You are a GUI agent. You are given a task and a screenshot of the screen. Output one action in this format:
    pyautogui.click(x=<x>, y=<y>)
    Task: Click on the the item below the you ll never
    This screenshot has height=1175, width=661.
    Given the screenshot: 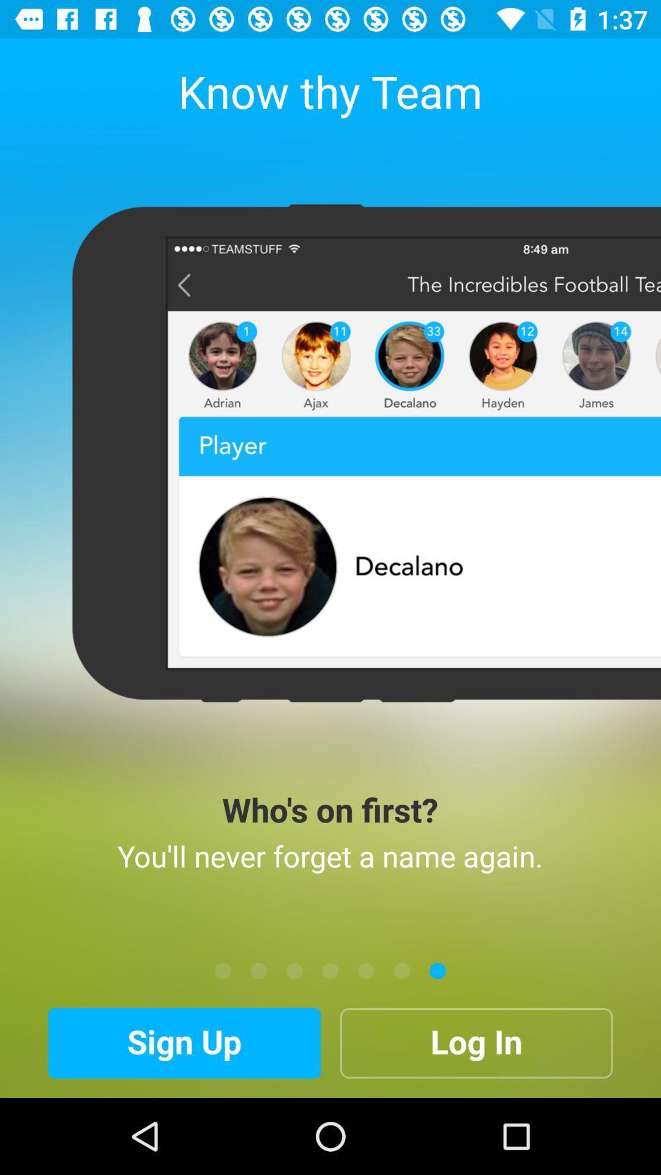 What is the action you would take?
    pyautogui.click(x=223, y=970)
    